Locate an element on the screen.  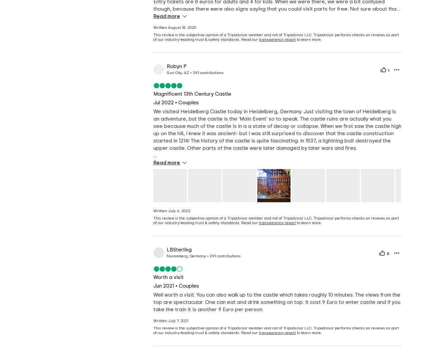
'1' is located at coordinates (389, 70).